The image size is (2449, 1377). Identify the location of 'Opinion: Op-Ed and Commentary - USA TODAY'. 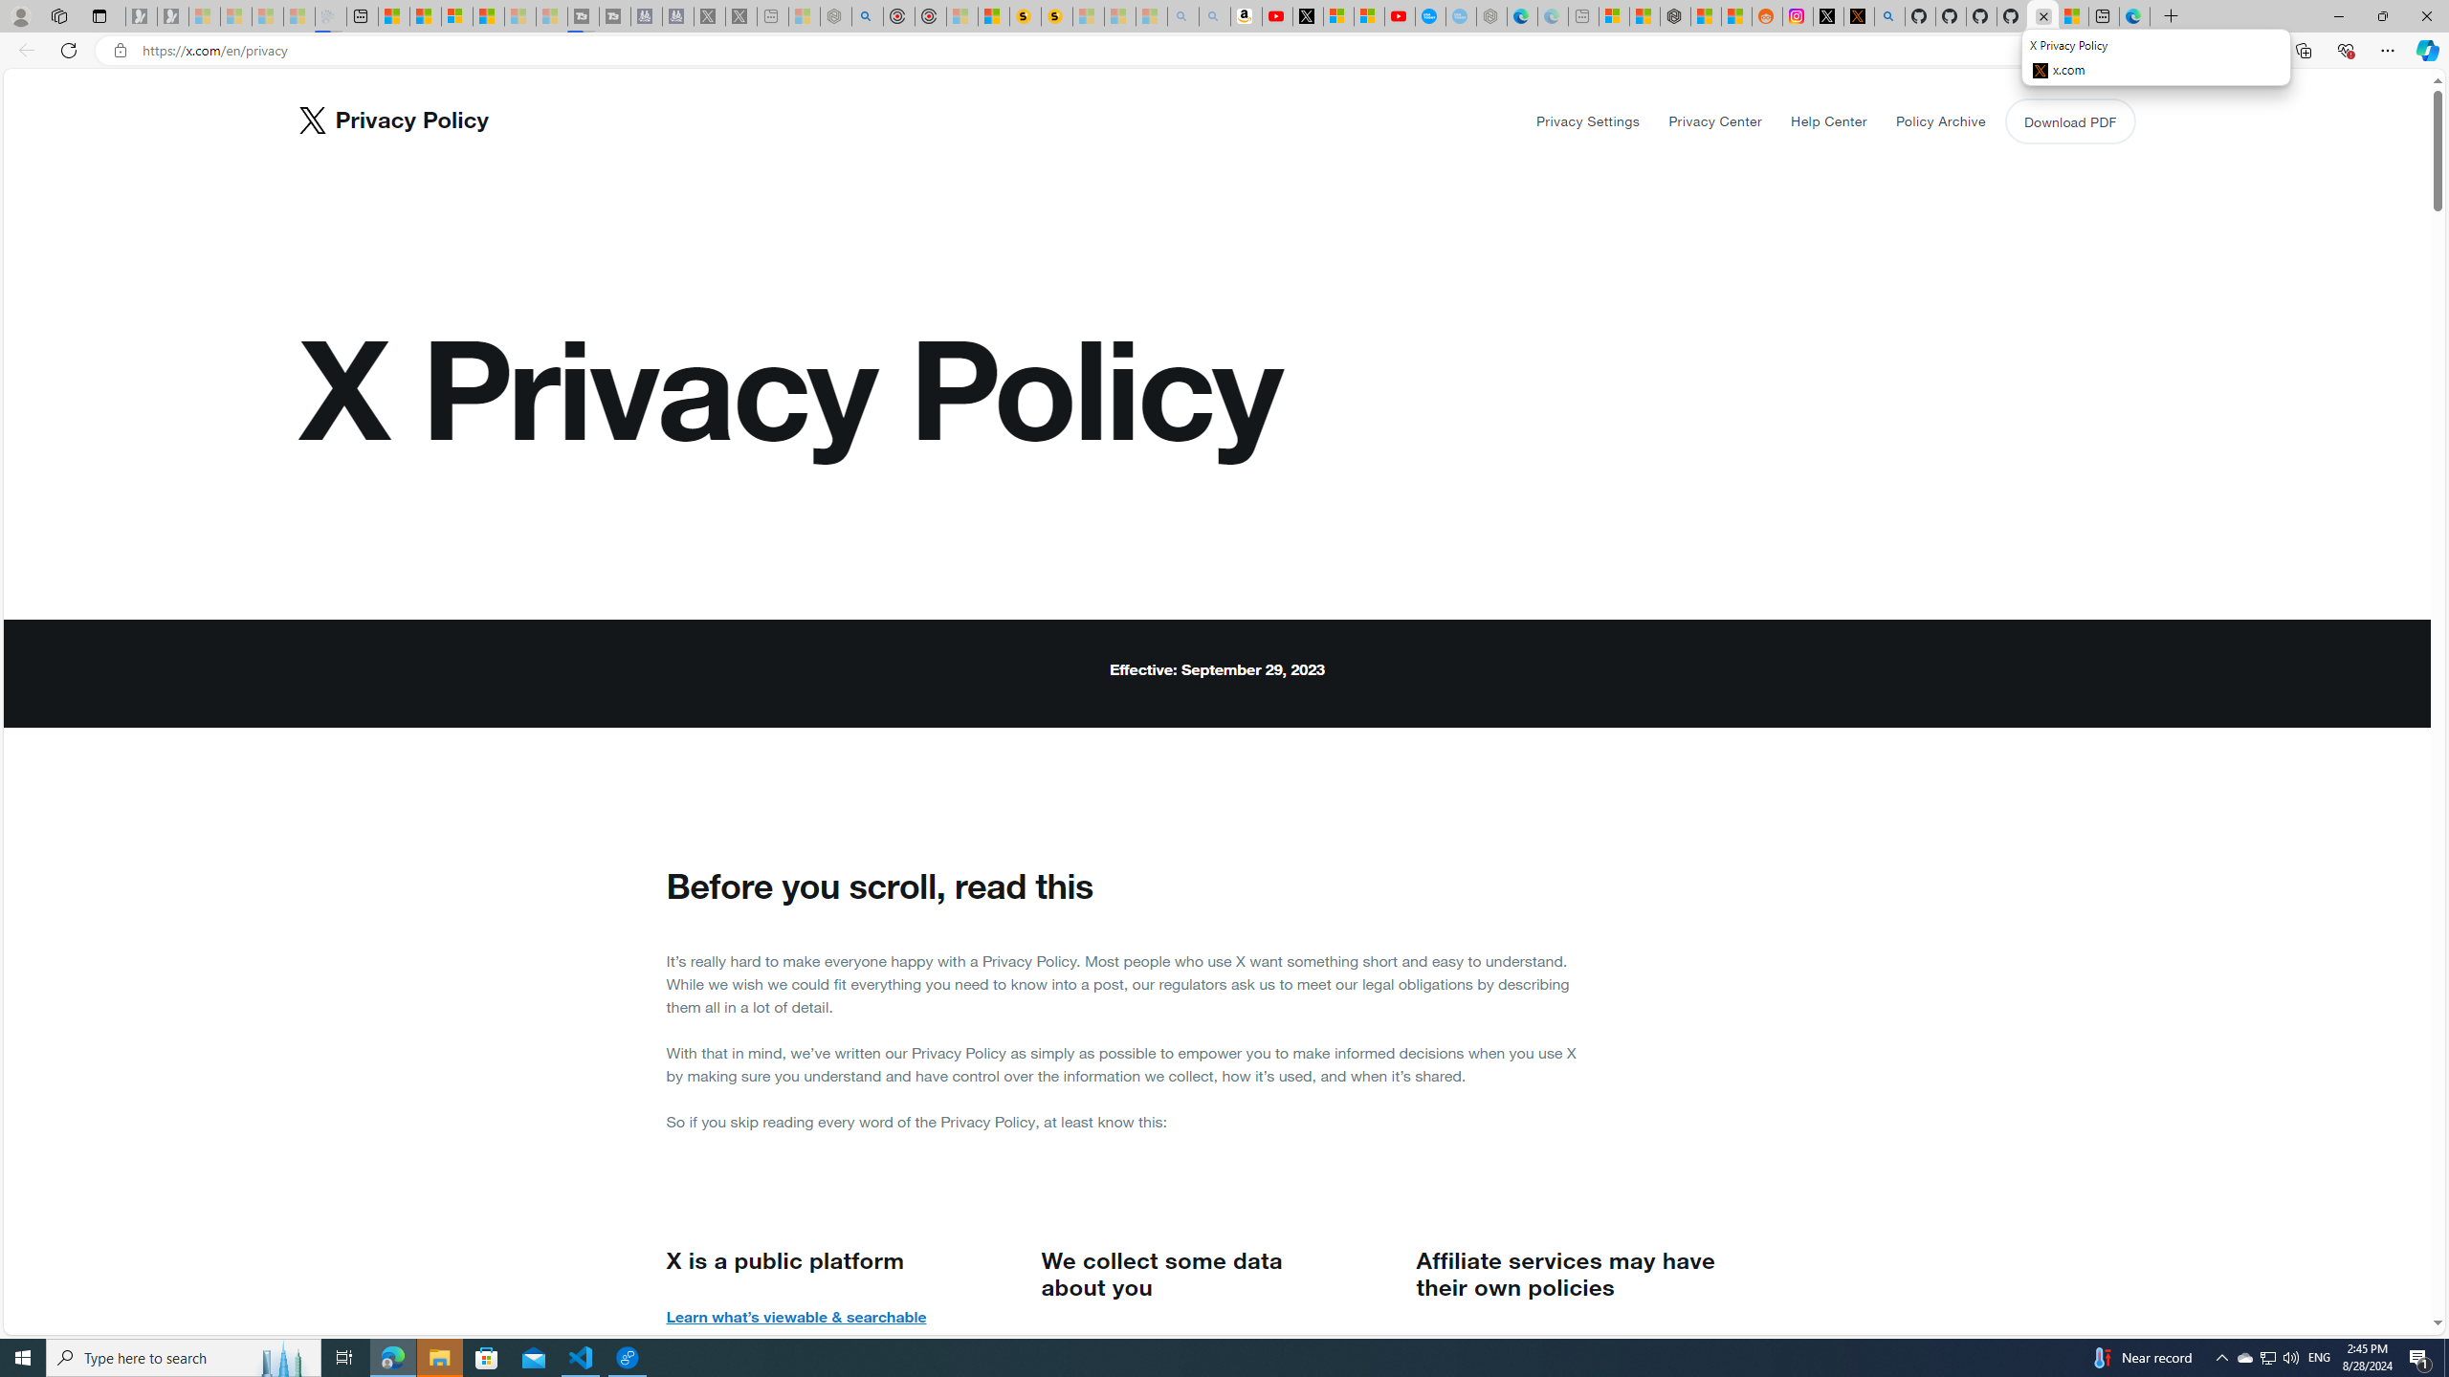
(1431, 15).